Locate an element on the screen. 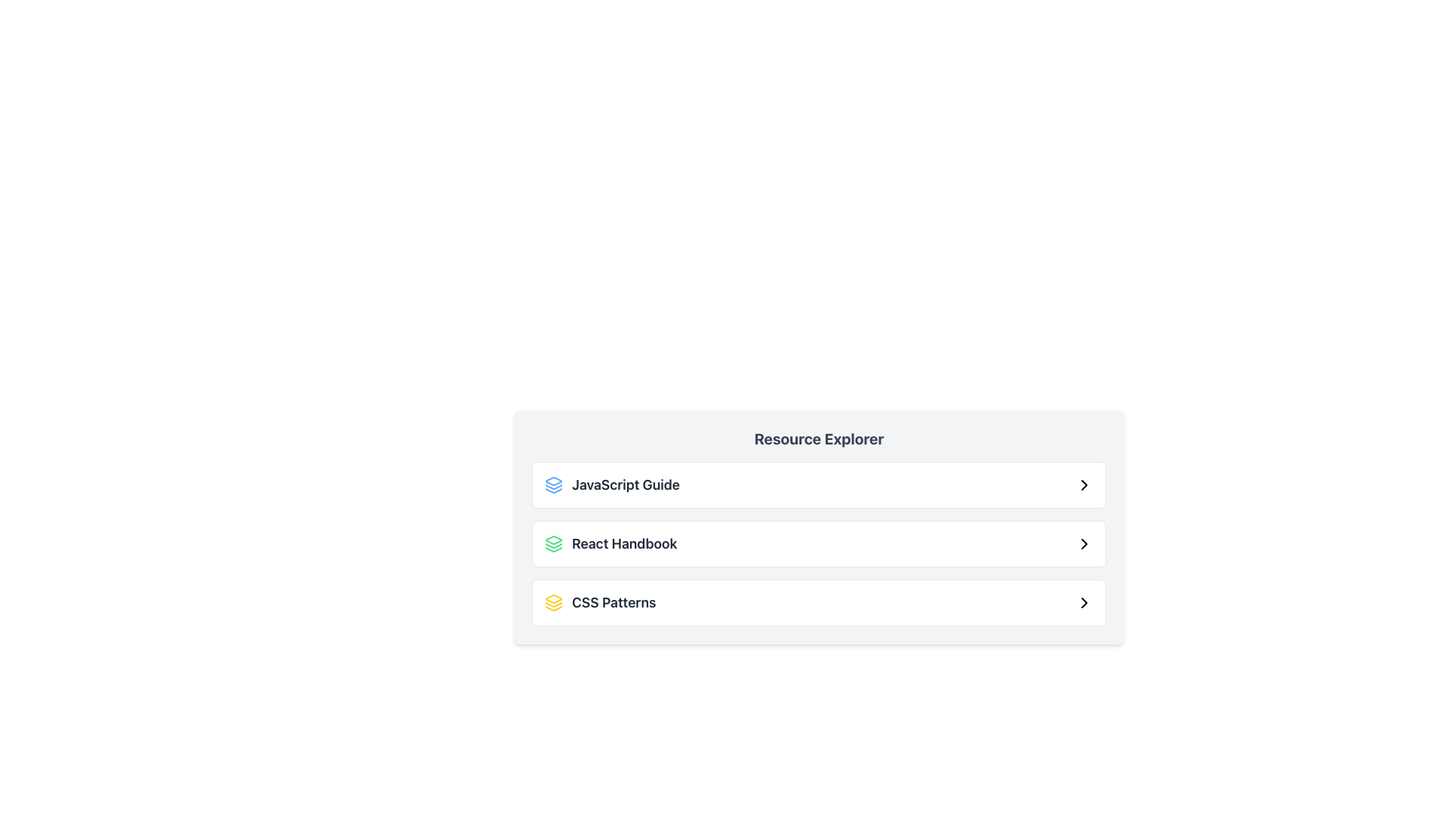 The height and width of the screenshot is (815, 1449). the navigation icon (Chevron) located on the far right of the list item labeled 'CSS Patterns' is located at coordinates (1083, 601).